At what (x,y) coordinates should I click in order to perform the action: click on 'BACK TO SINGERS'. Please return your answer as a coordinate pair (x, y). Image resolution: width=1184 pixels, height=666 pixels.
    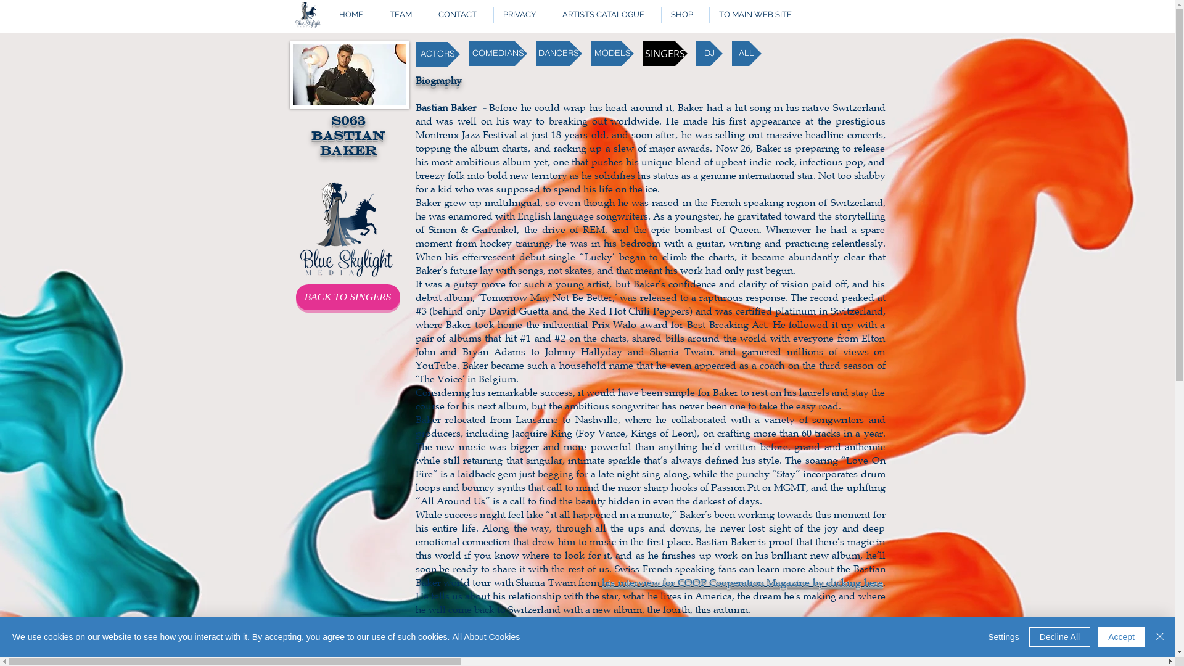
    Looking at the image, I should click on (347, 297).